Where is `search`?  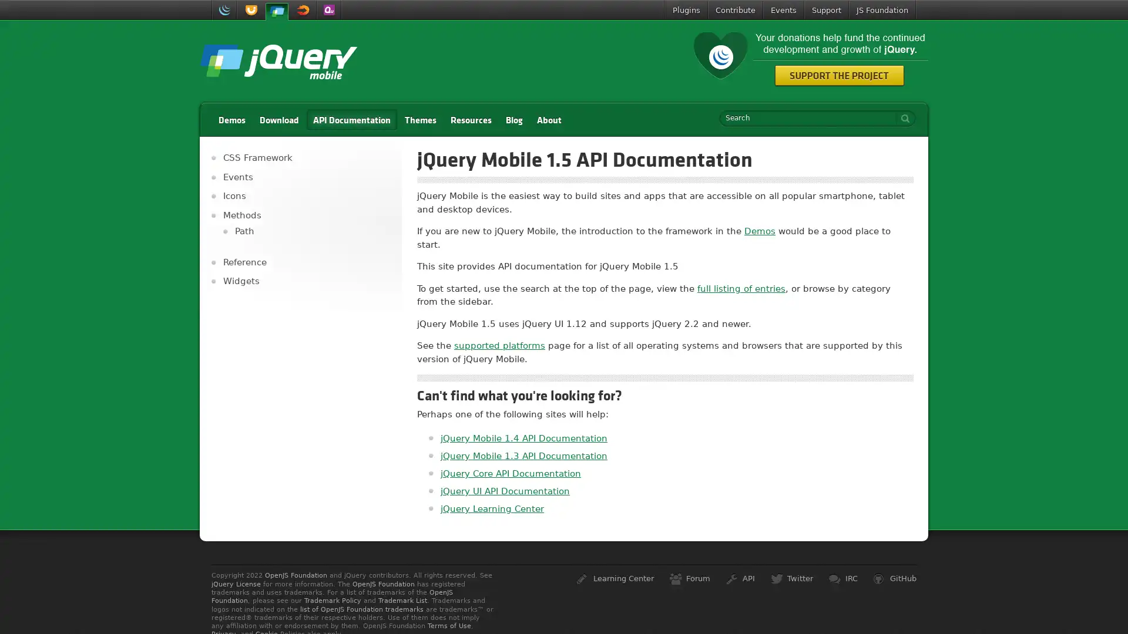 search is located at coordinates (902, 118).